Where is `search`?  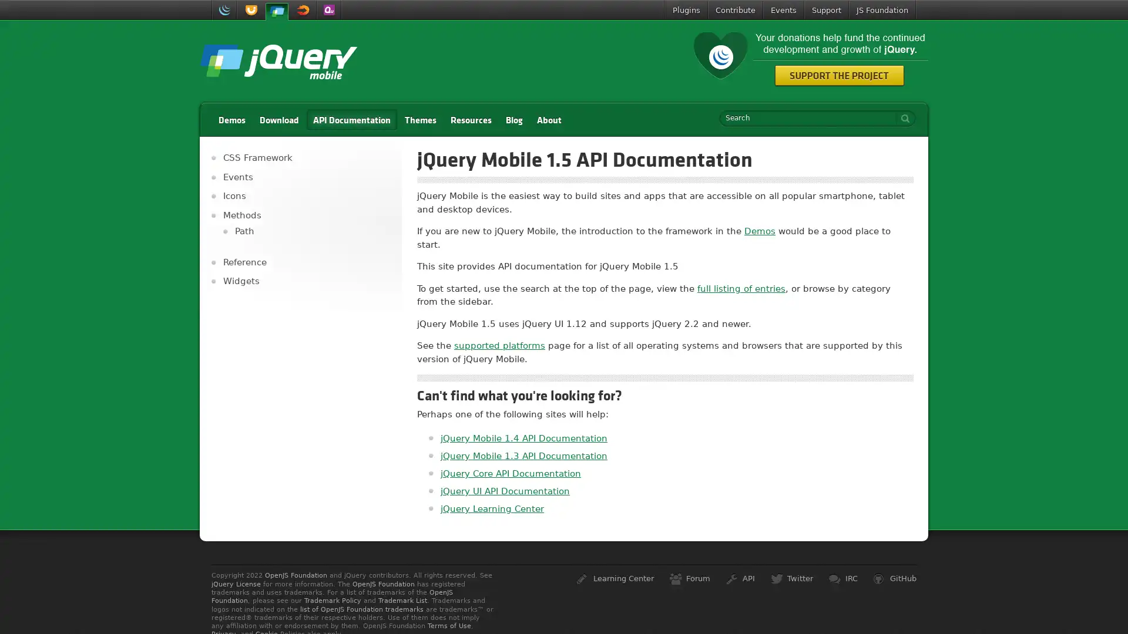 search is located at coordinates (902, 118).